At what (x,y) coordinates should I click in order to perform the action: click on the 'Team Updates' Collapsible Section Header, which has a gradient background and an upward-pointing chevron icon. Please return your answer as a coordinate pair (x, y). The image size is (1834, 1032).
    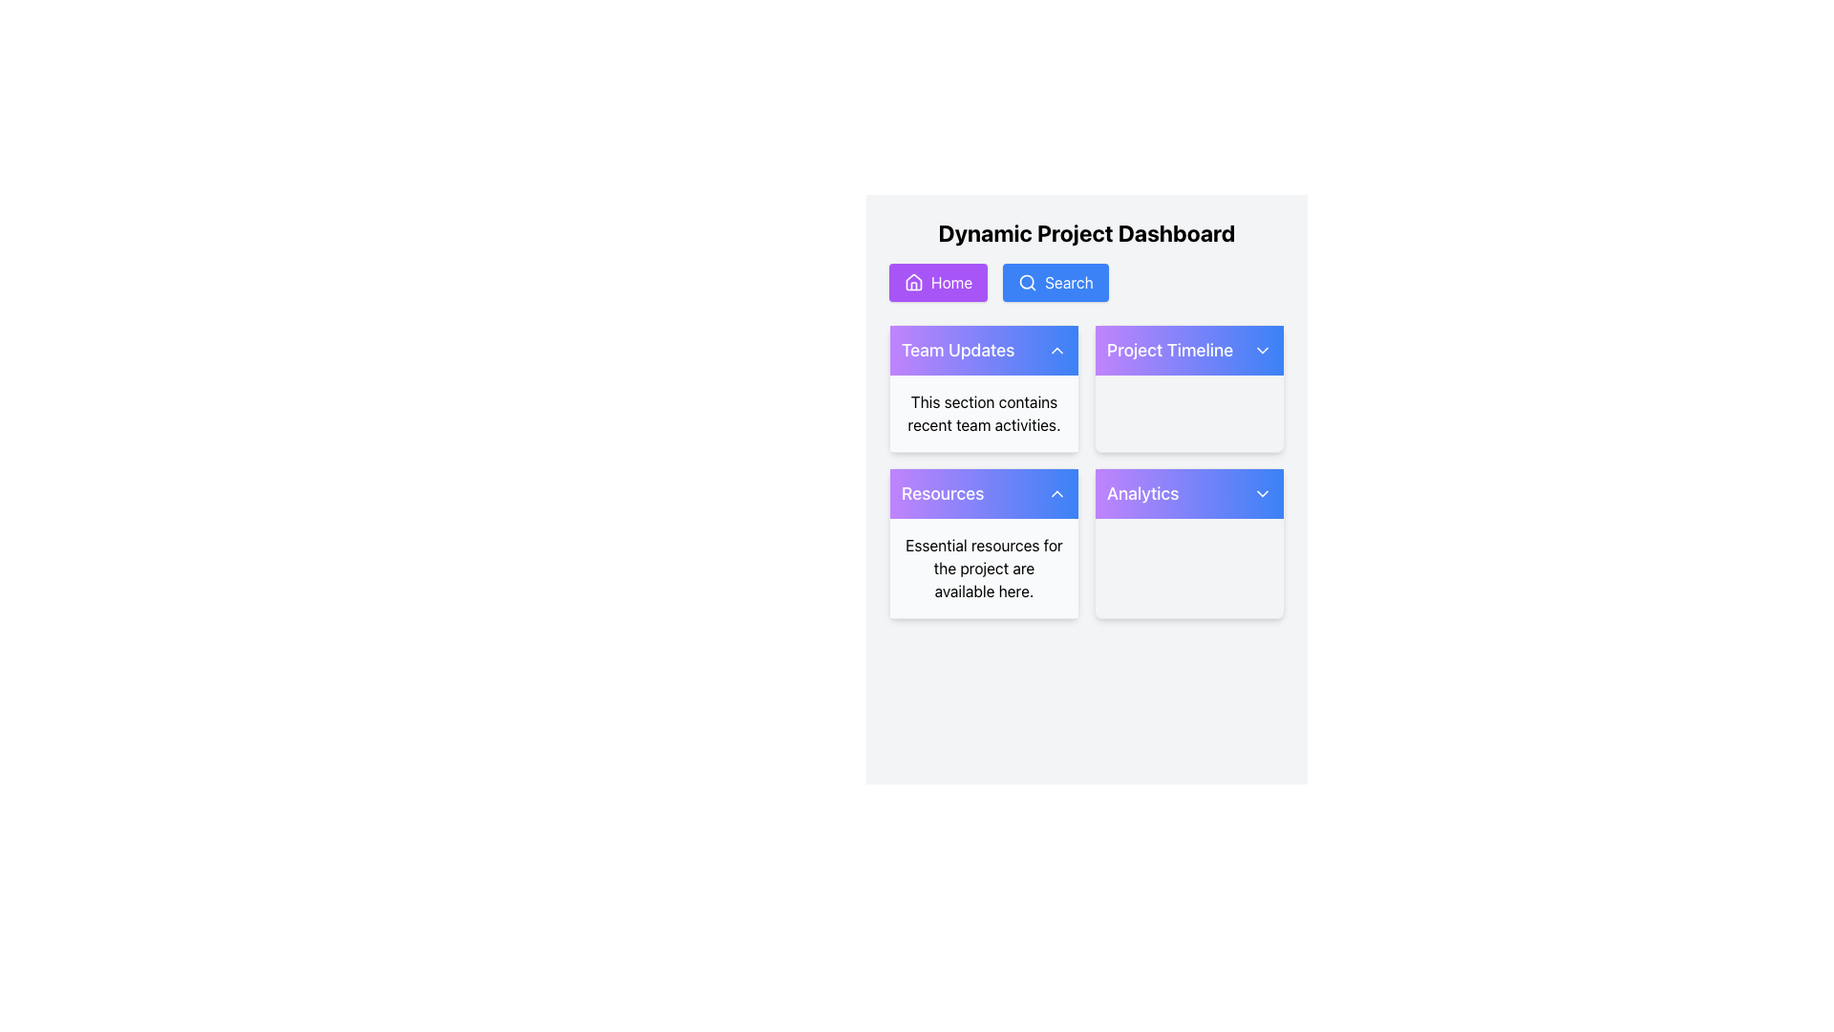
    Looking at the image, I should click on (984, 350).